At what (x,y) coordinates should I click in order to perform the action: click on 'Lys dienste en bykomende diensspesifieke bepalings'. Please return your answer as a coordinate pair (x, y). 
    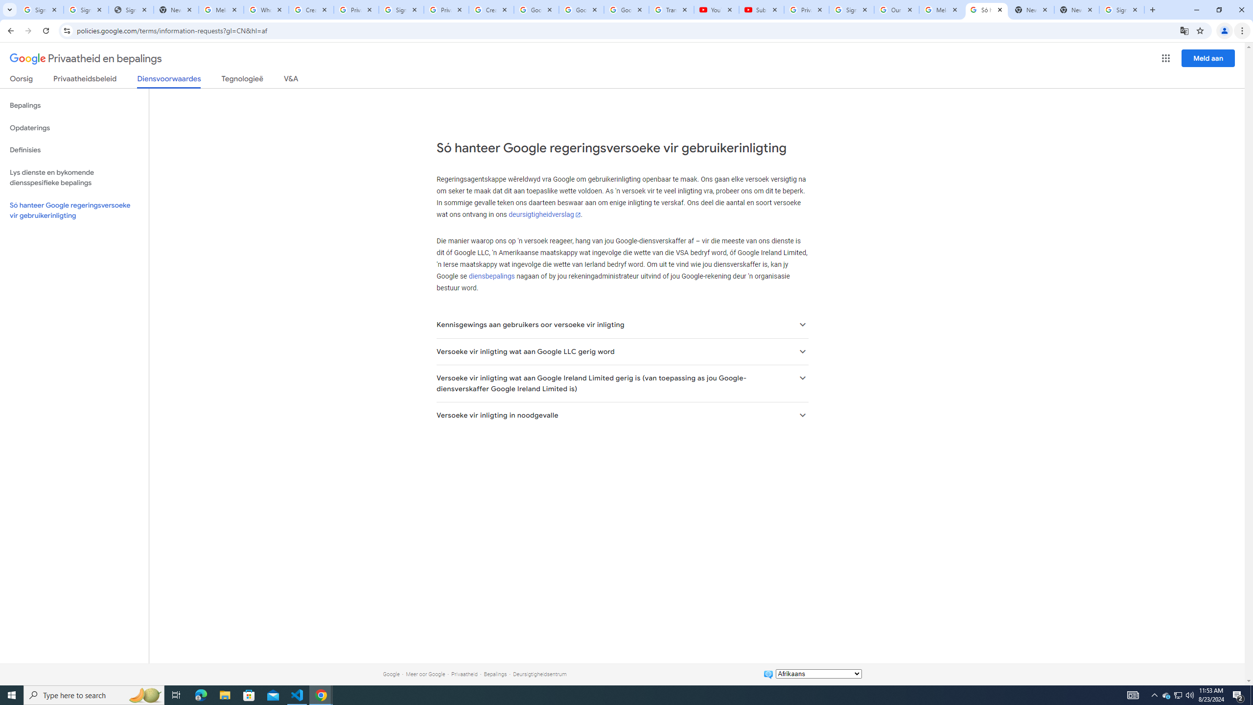
    Looking at the image, I should click on (74, 177).